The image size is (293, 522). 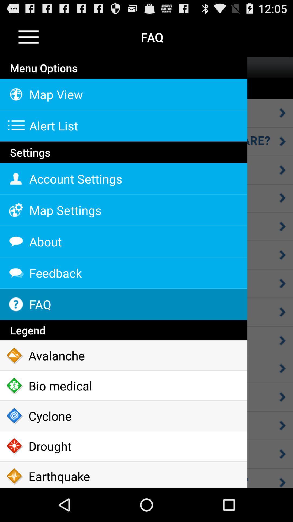 I want to click on the icon below legend icon, so click(x=123, y=356).